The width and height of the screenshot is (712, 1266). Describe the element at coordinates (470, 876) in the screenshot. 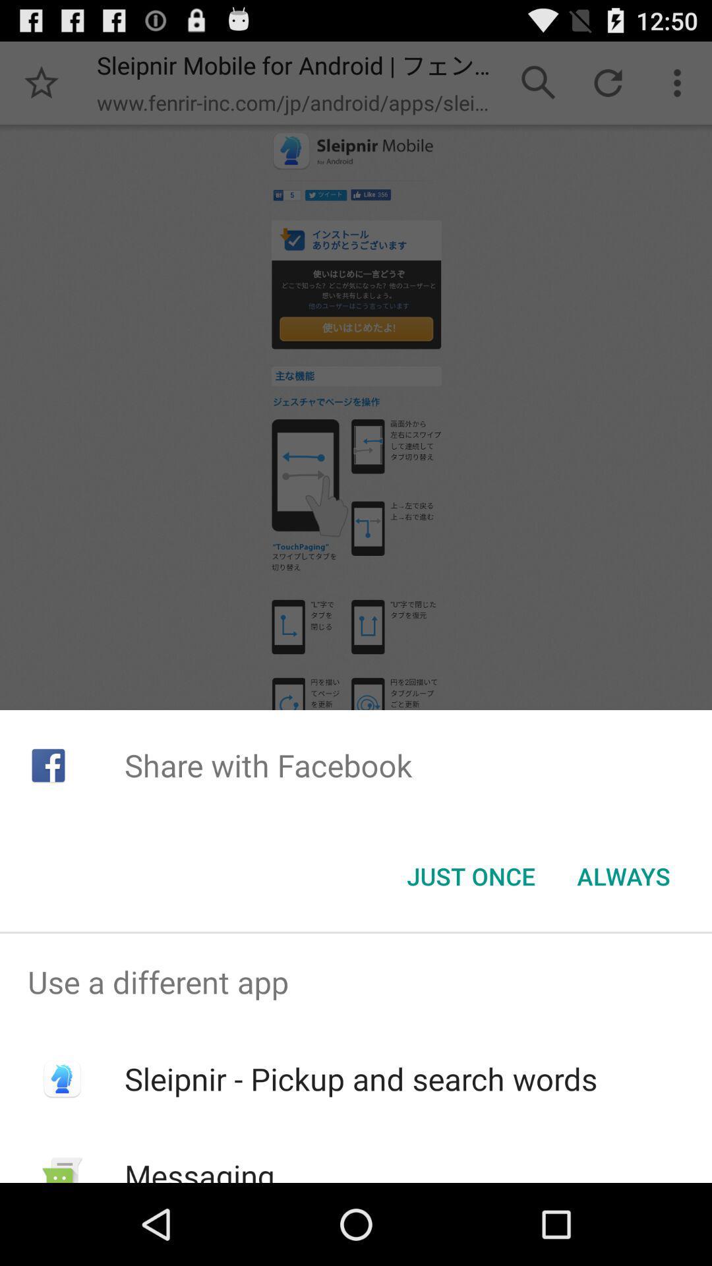

I see `the just once item` at that location.